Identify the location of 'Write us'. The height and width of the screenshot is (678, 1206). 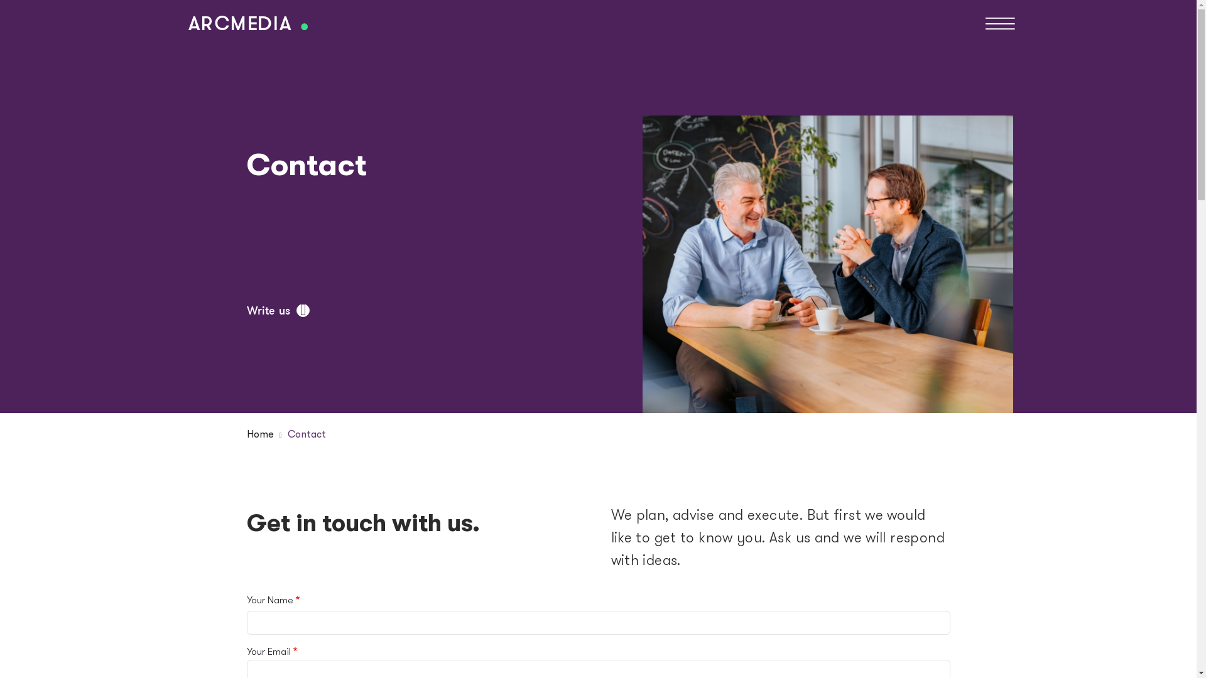
(277, 311).